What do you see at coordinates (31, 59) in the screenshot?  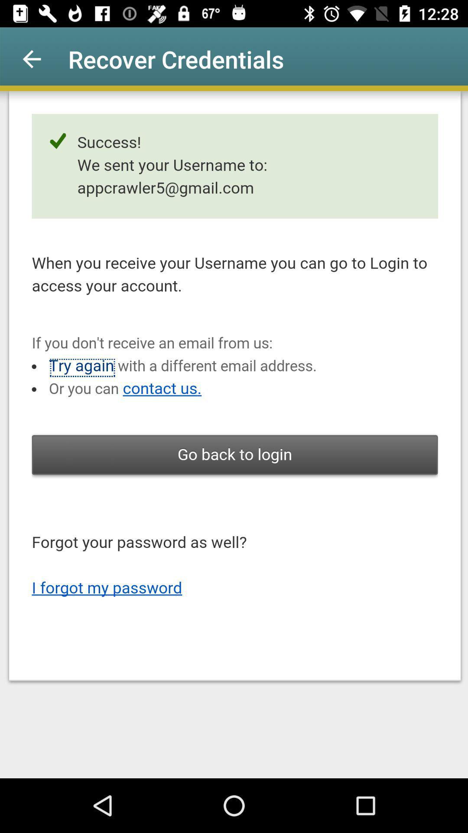 I see `icon at the top left corner` at bounding box center [31, 59].